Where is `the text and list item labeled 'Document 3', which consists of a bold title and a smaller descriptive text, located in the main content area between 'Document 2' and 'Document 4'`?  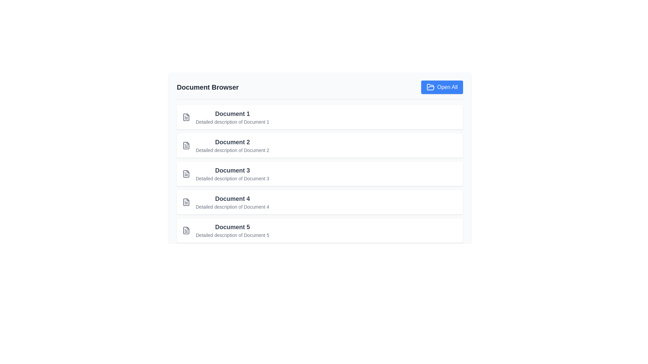 the text and list item labeled 'Document 3', which consists of a bold title and a smaller descriptive text, located in the main content area between 'Document 2' and 'Document 4' is located at coordinates (232, 174).